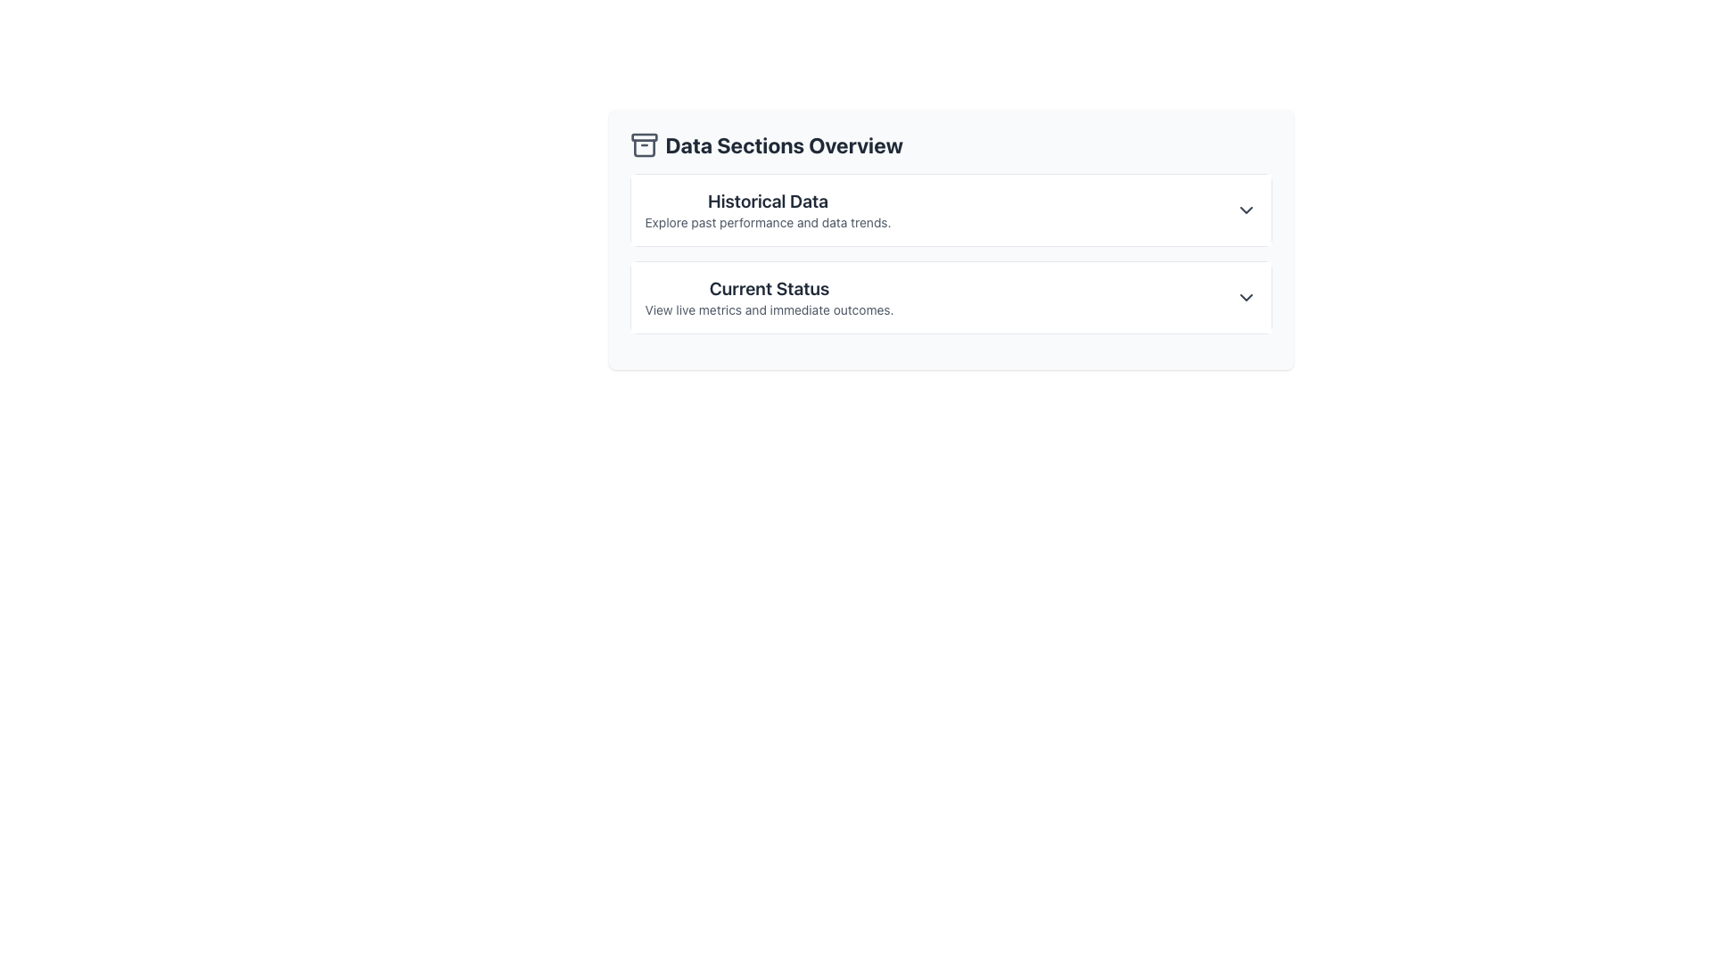 This screenshot has height=963, width=1712. I want to click on the expandable or collapsible icon located at the far right of the 'Current Status' section, so click(1245, 297).